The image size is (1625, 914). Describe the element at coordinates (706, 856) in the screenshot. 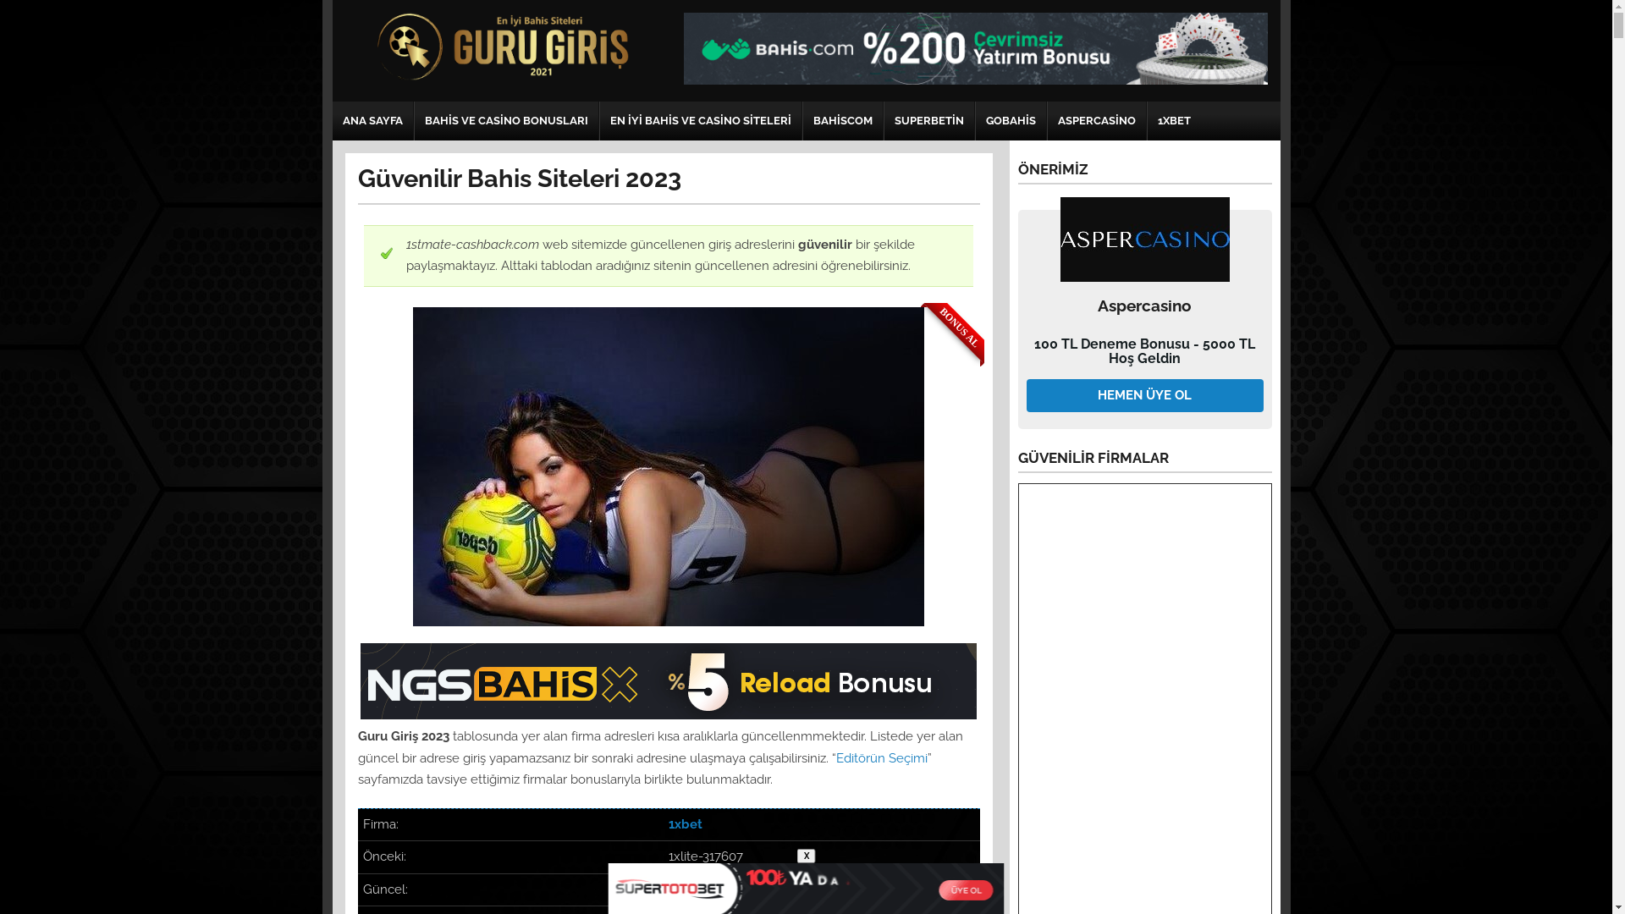

I see `'1xlite-317607'` at that location.